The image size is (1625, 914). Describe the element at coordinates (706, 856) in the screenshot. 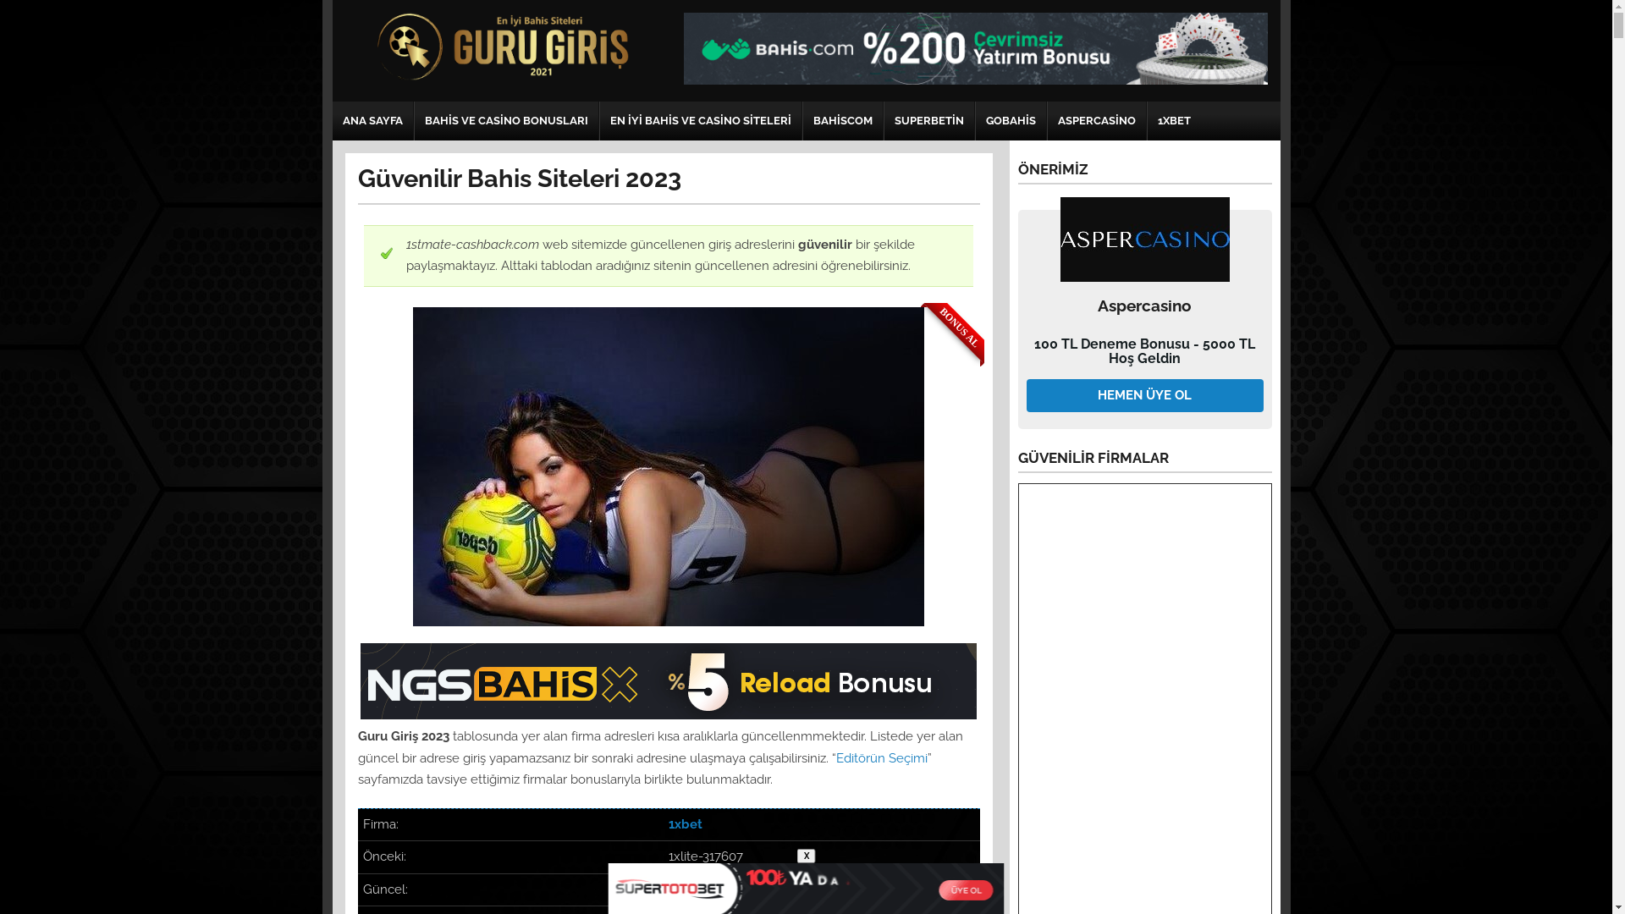

I see `'1xlite-317607'` at that location.